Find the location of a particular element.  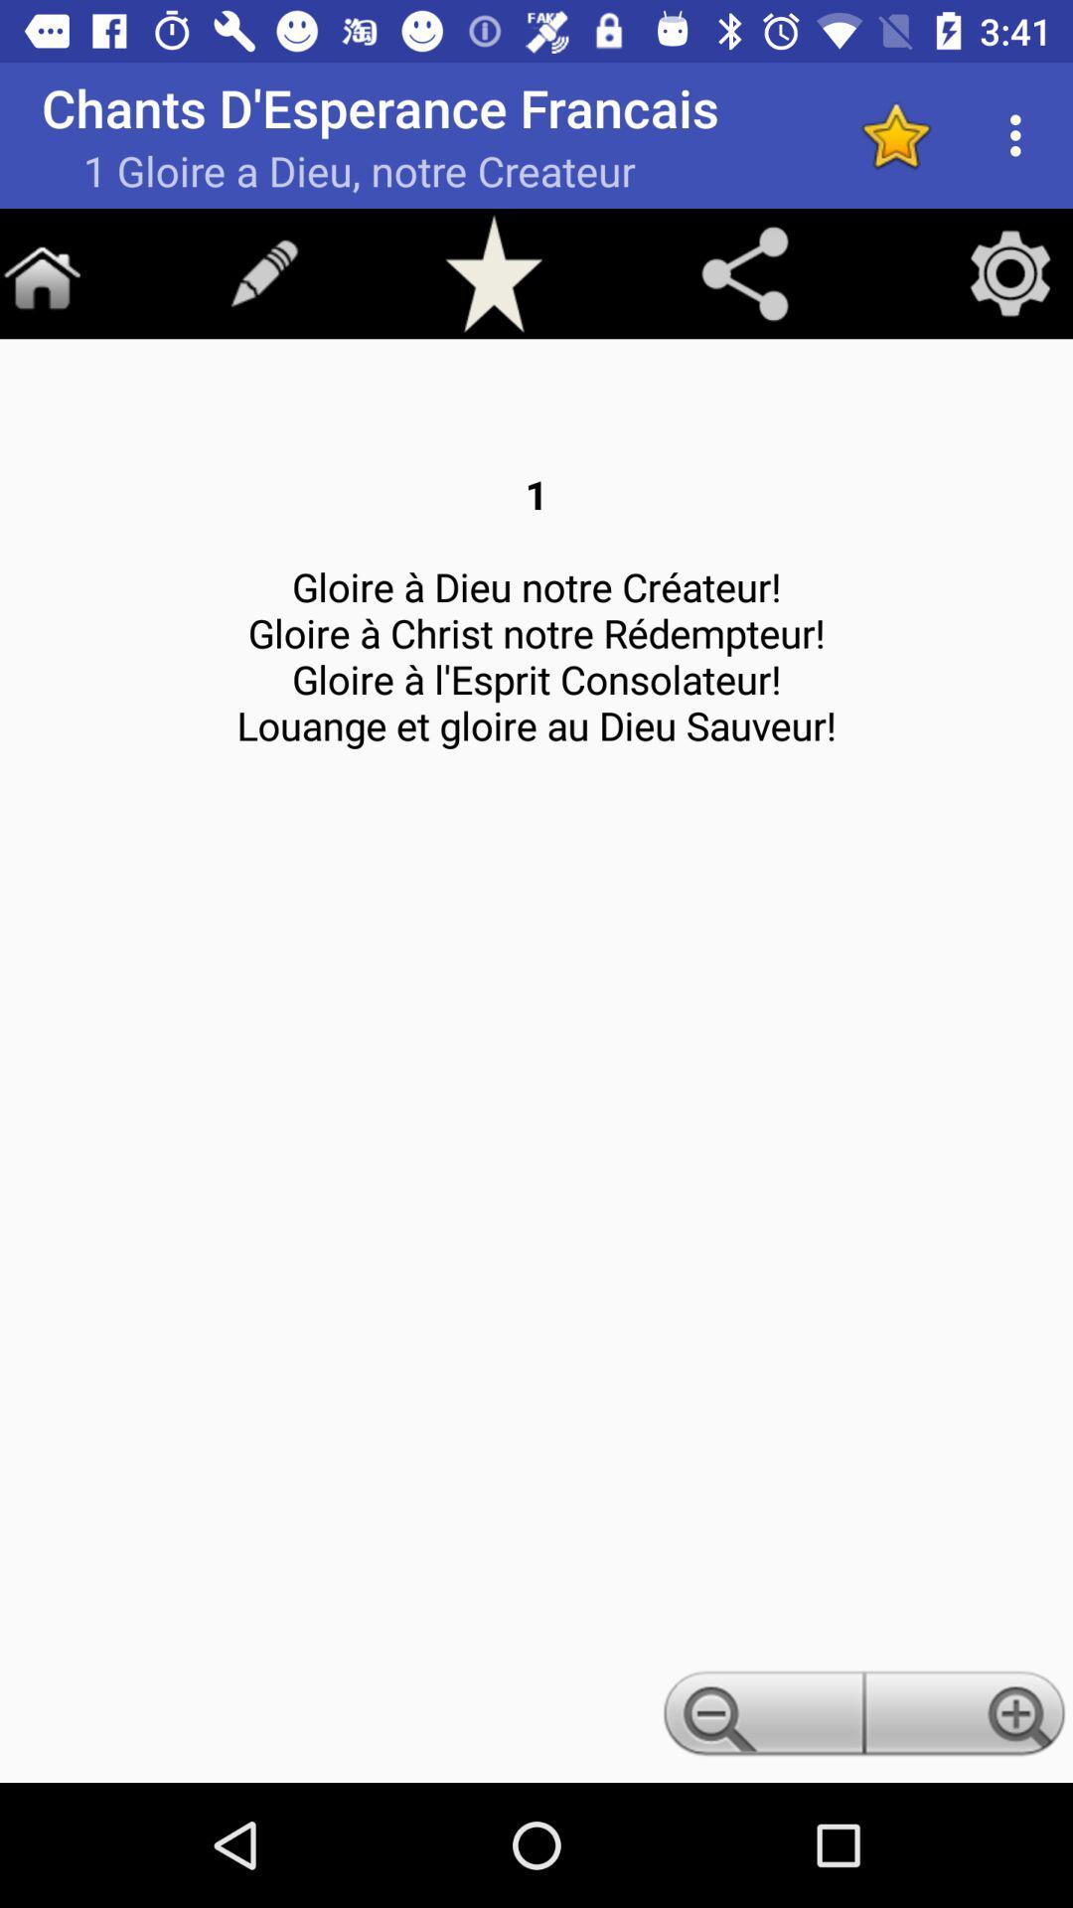

enlarge is located at coordinates (968, 1718).